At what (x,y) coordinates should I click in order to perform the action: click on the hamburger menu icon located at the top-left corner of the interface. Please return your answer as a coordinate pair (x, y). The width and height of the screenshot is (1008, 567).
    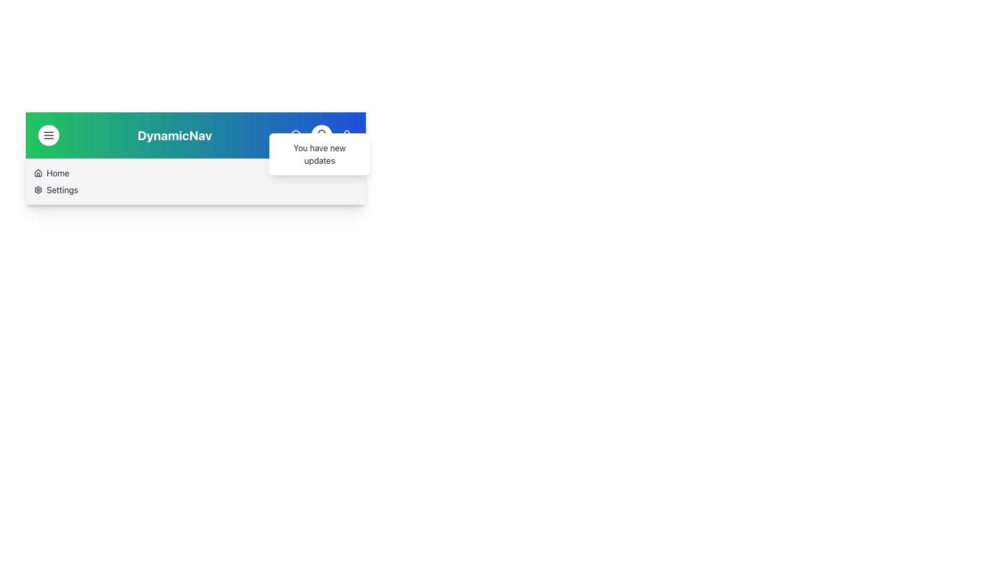
    Looking at the image, I should click on (48, 135).